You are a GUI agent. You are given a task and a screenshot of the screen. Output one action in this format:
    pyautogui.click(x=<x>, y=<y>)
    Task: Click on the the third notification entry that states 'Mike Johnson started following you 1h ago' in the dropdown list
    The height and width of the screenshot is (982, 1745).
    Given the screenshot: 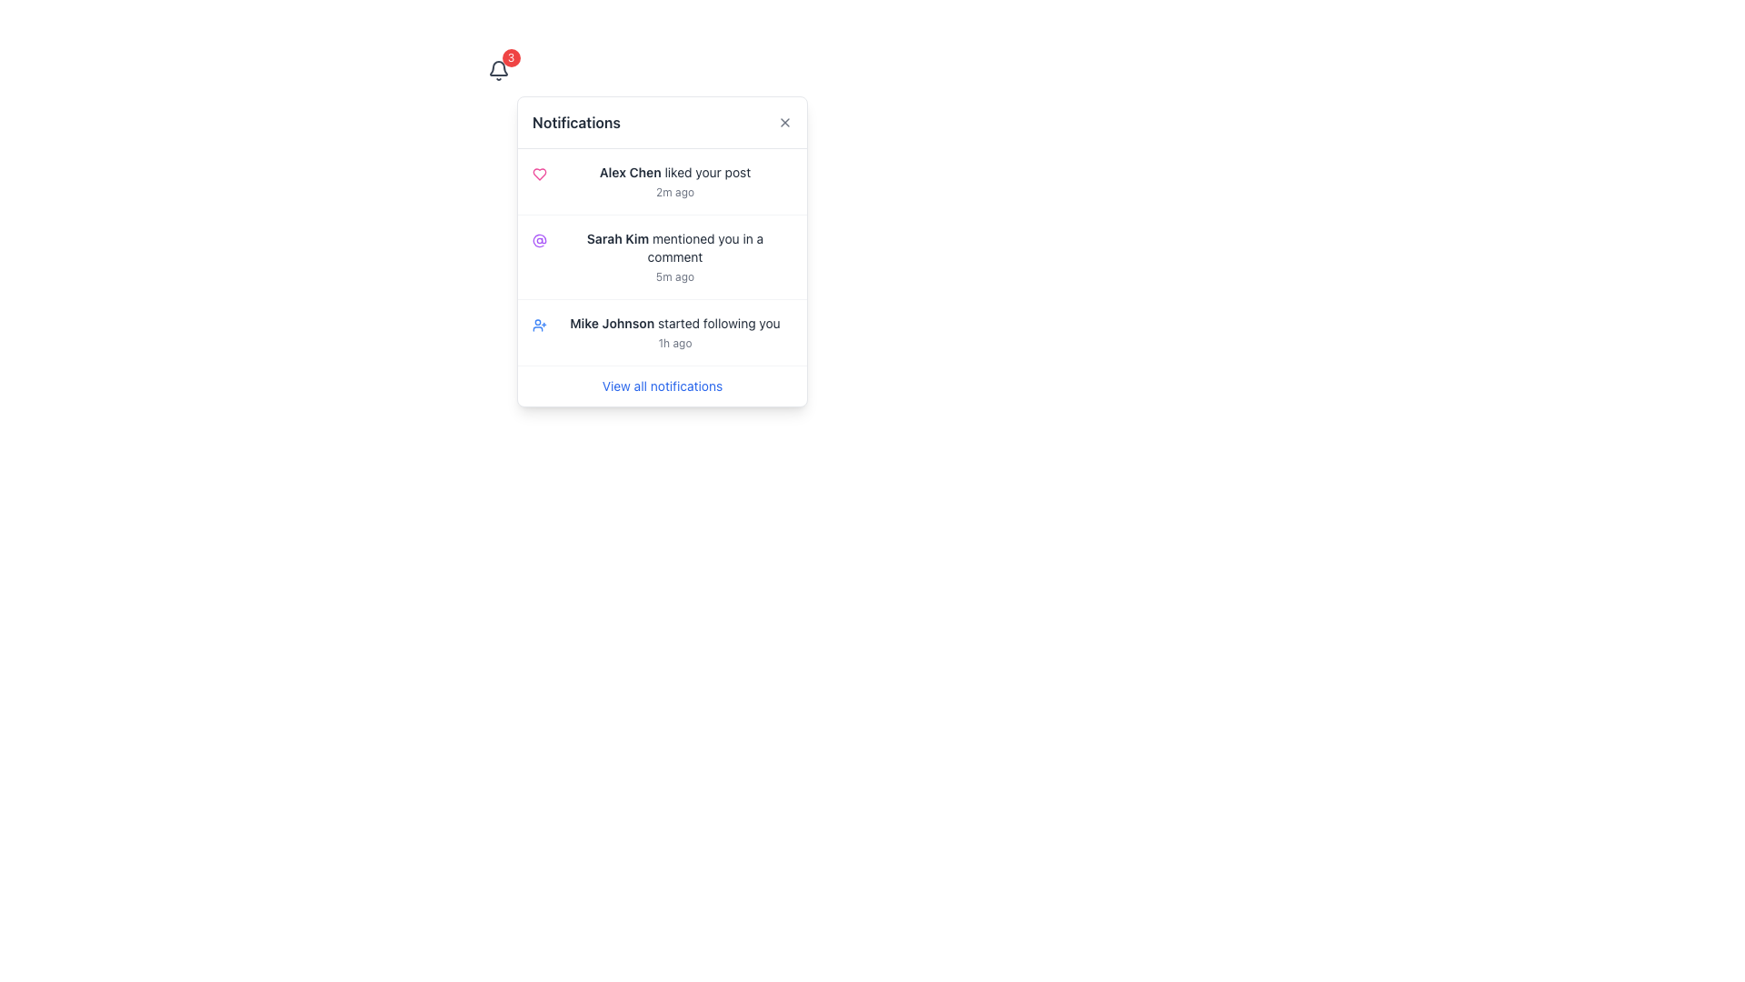 What is the action you would take?
    pyautogui.click(x=662, y=333)
    